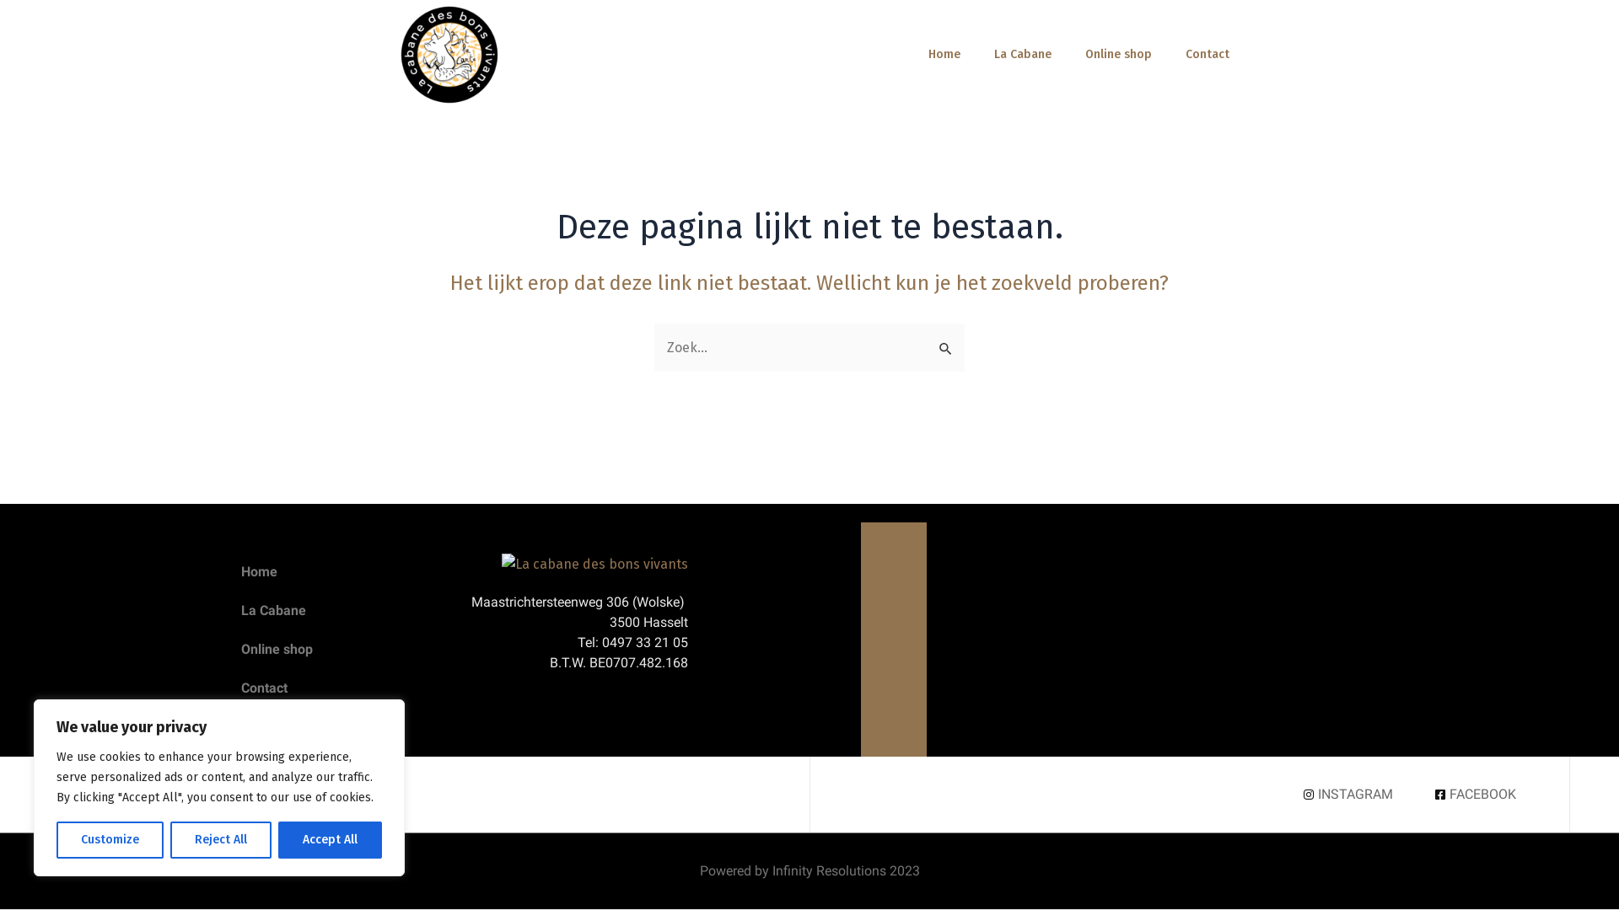  What do you see at coordinates (1118, 54) in the screenshot?
I see `'Online shop'` at bounding box center [1118, 54].